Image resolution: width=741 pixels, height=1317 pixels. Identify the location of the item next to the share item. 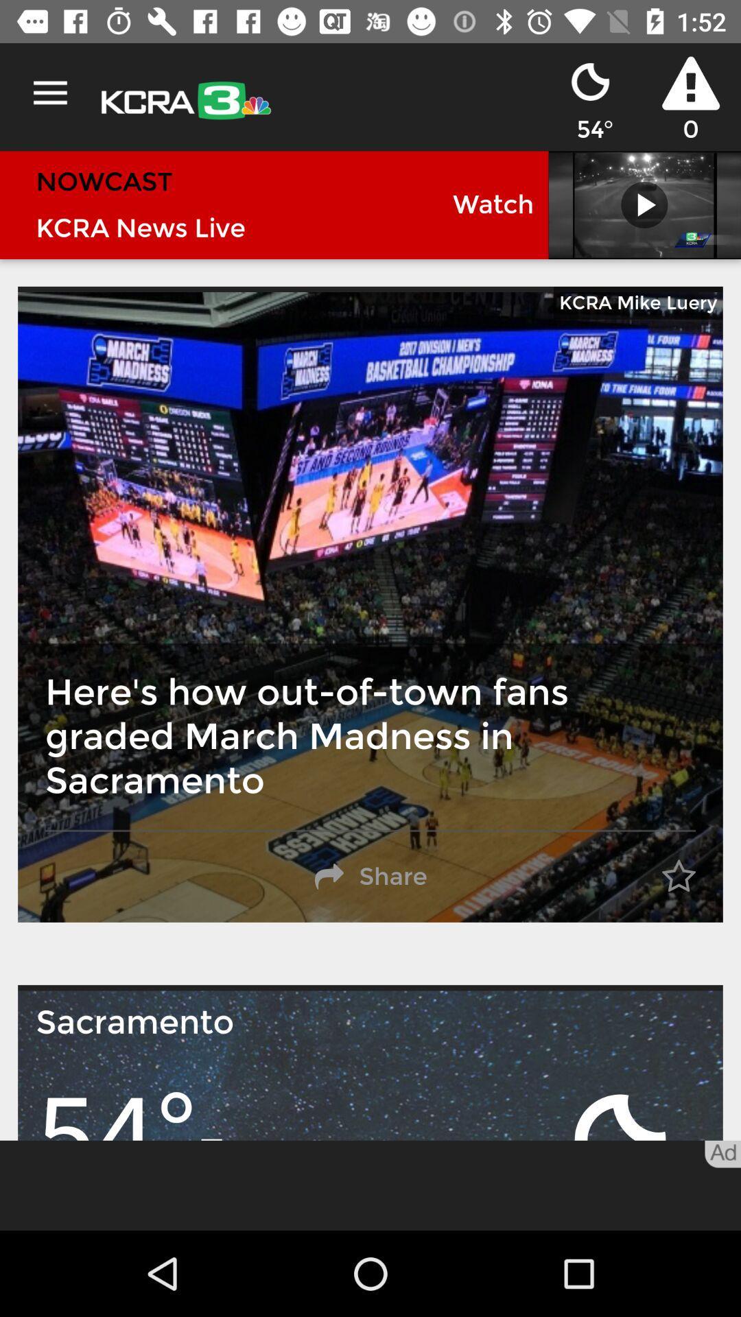
(678, 876).